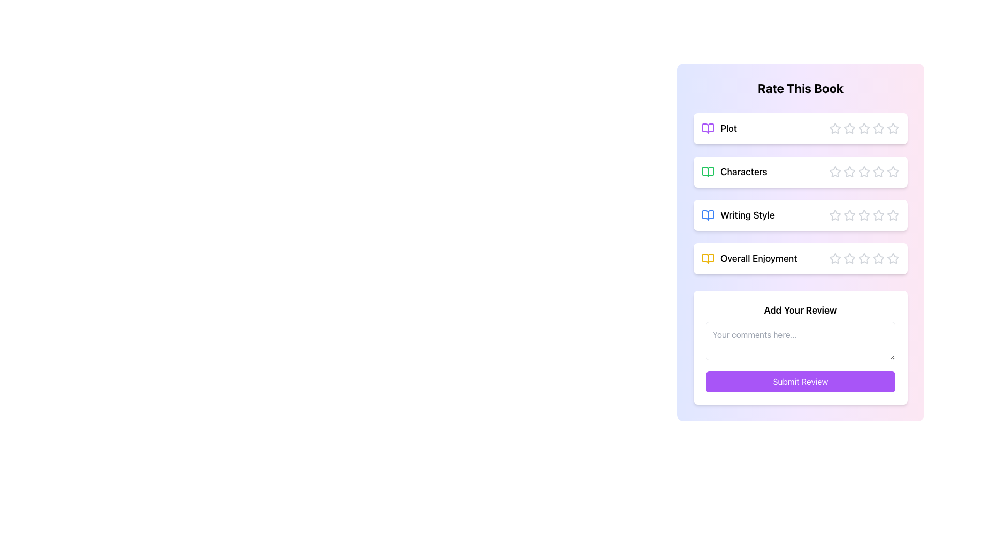  I want to click on the fourth star icon in the rating component under the 'Plot' section to indicate a four-star rating for the 'Rate This Book' panel, so click(864, 128).